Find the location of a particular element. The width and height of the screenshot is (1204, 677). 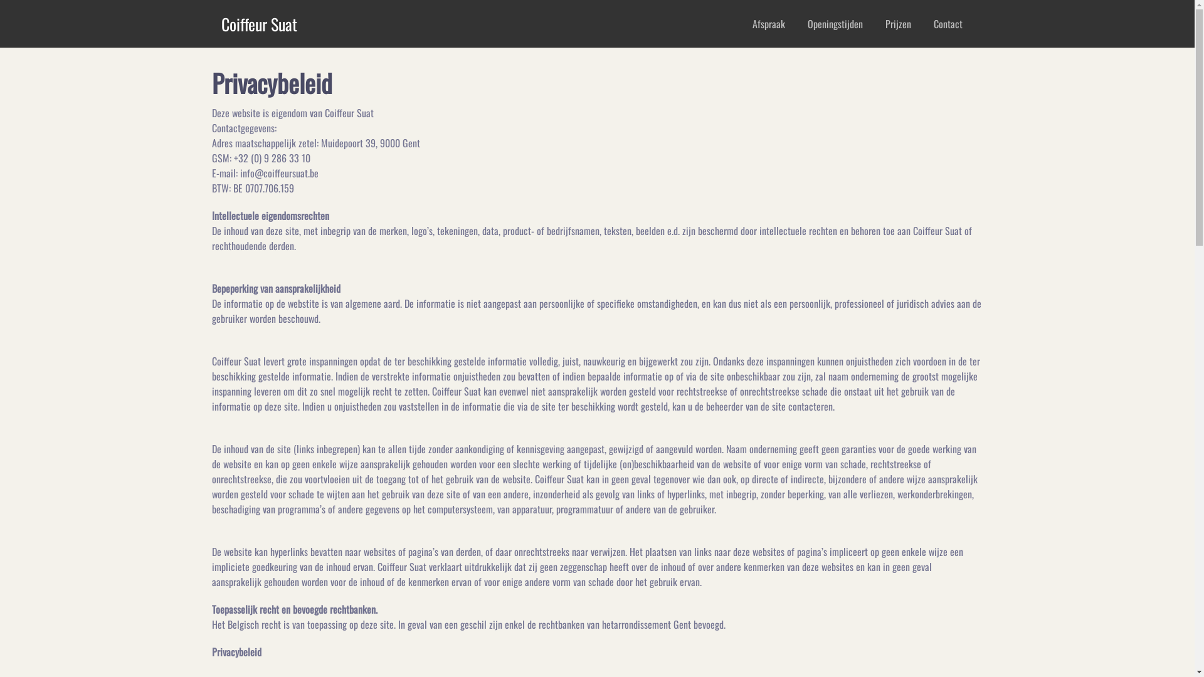

'Openingstijden' is located at coordinates (835, 24).